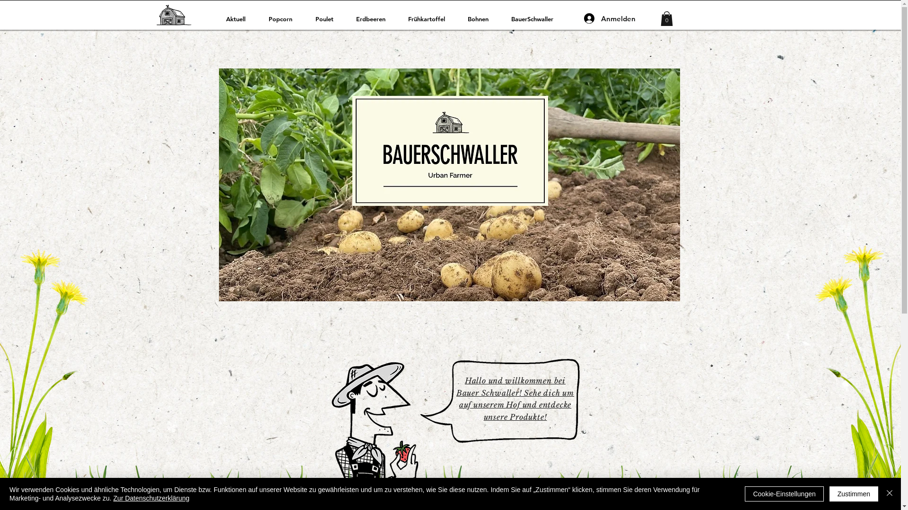 The height and width of the screenshot is (510, 908). I want to click on 'Aktuell', so click(240, 18).